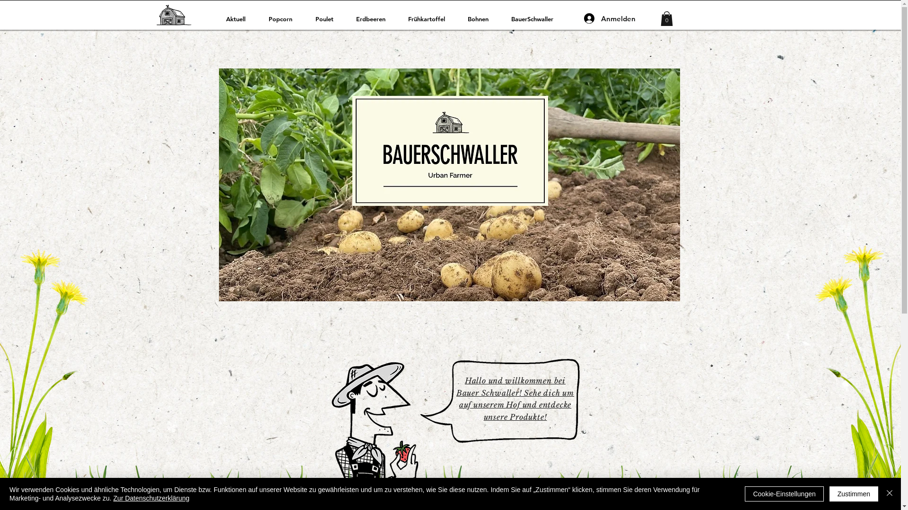 The height and width of the screenshot is (510, 908). I want to click on 'Aktuell', so click(240, 18).